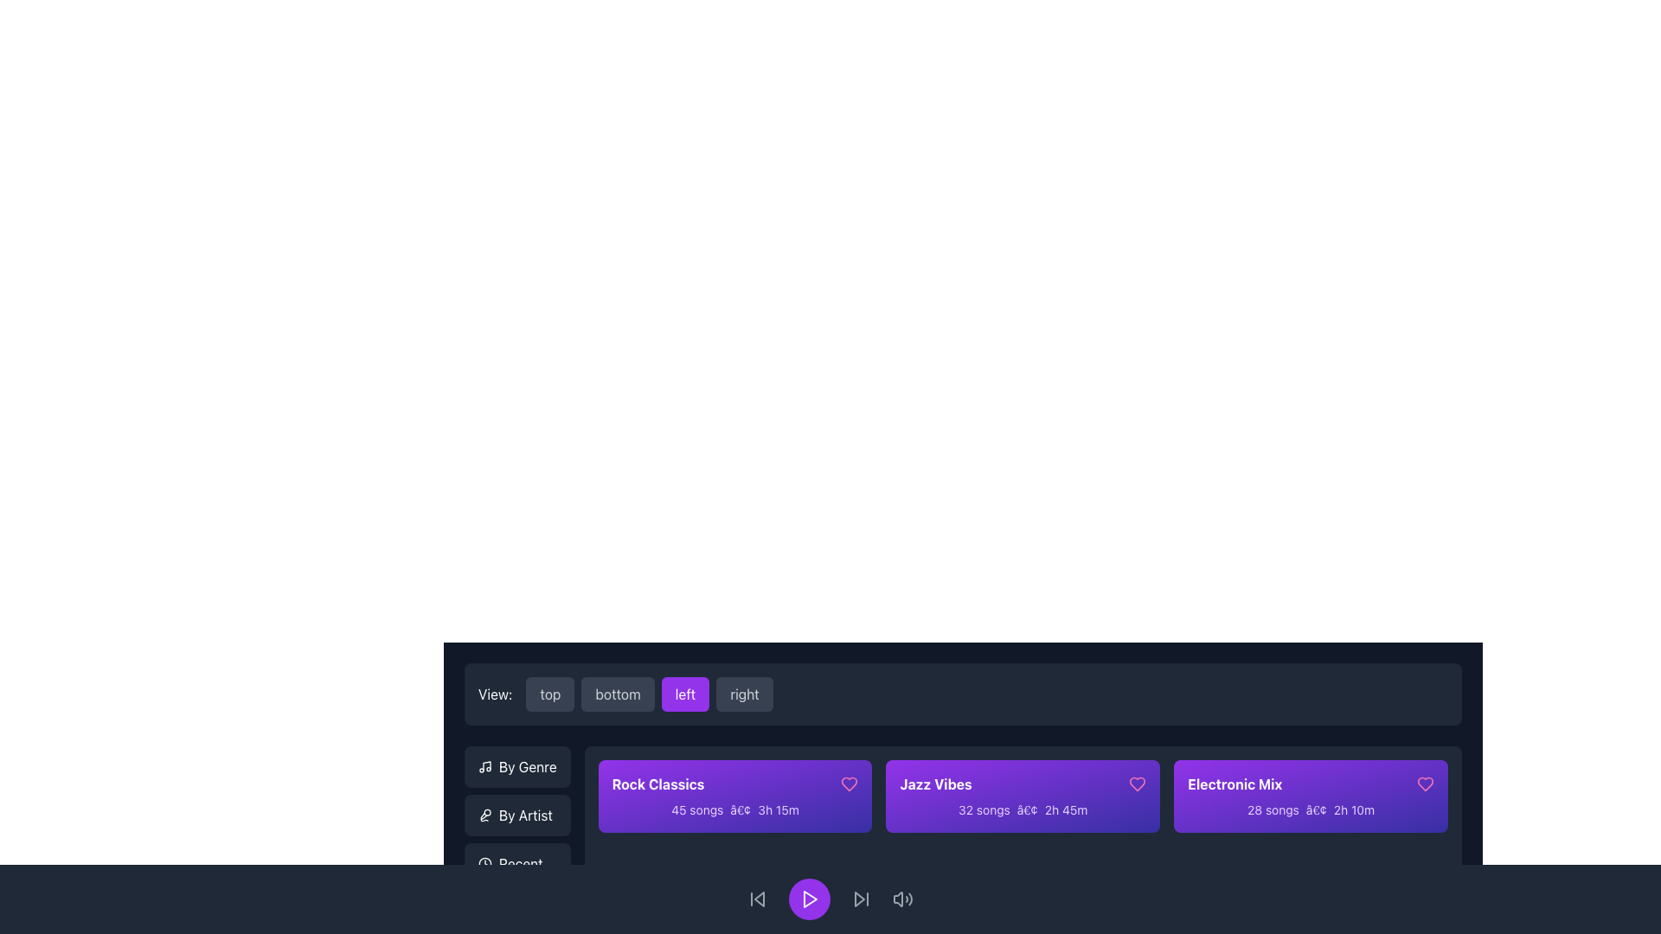  Describe the element at coordinates (734, 810) in the screenshot. I see `the text element at the bottom of the 'Rock Classics' card that displays metadata about the number of songs and total duration of the playlist` at that location.